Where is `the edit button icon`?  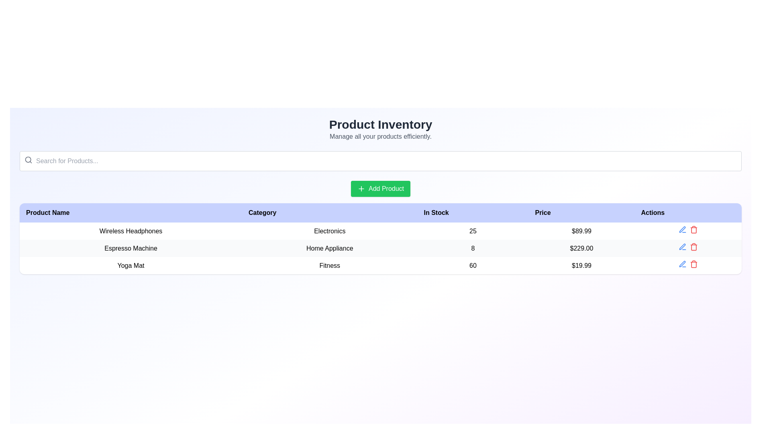 the edit button icon is located at coordinates (682, 264).